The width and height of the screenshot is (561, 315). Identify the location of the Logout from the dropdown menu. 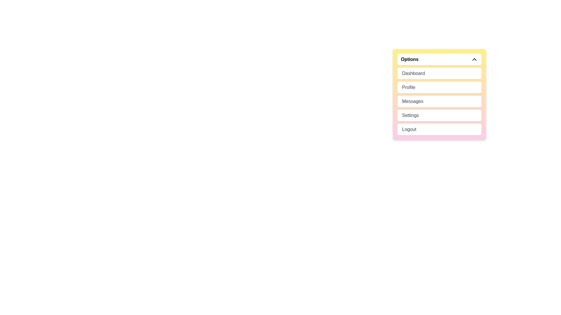
(439, 129).